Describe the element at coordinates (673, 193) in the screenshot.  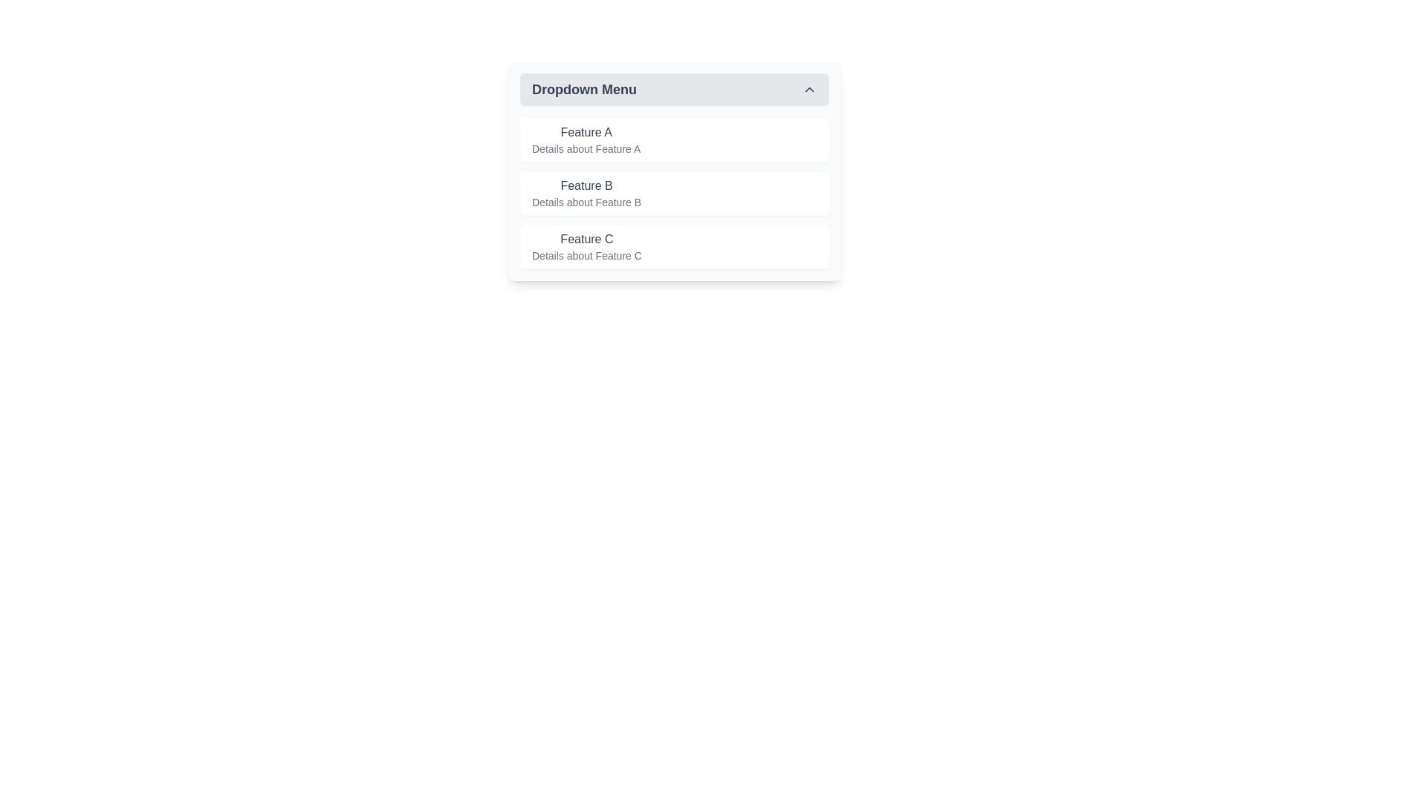
I see `the selectable card for 'Feature B' located in the center of the dropdown menu list, which is the second item among three options` at that location.